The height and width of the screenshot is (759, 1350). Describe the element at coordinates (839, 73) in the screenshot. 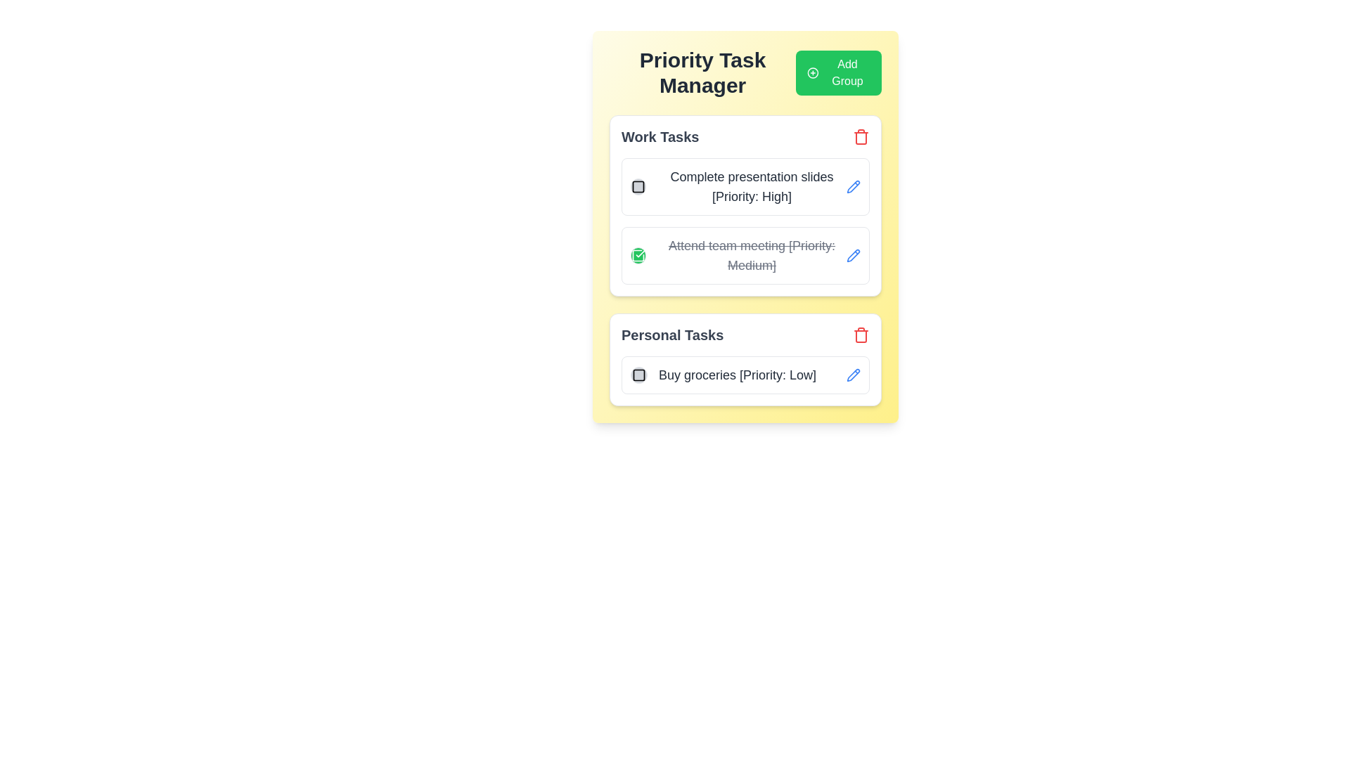

I see `the green rectangular 'Add Group' button with rounded corners located at the top-right corner of the interface` at that location.